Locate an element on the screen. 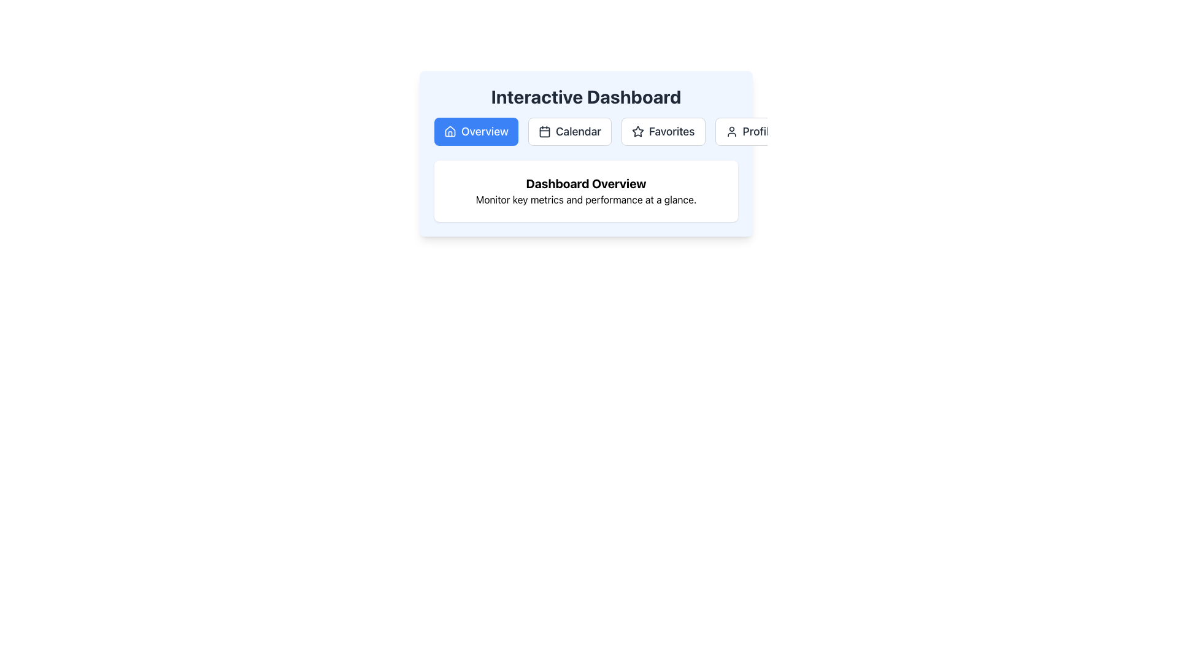 This screenshot has height=662, width=1178. the 'Calendar' button located in the navigation bar is located at coordinates (569, 132).